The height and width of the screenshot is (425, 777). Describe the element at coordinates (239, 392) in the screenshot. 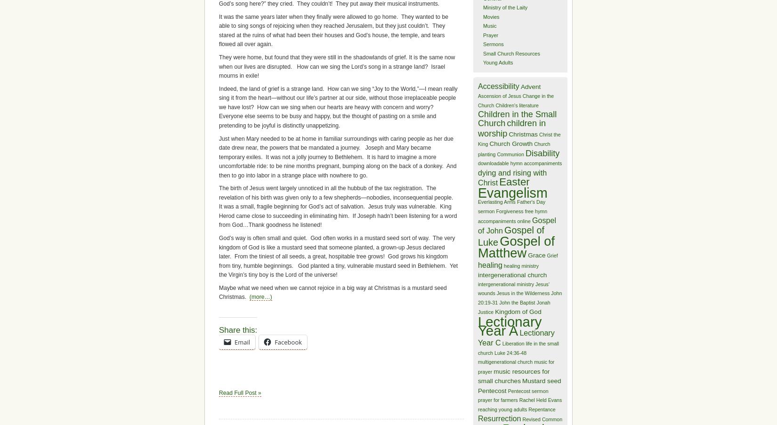

I see `'Read Full Post »'` at that location.